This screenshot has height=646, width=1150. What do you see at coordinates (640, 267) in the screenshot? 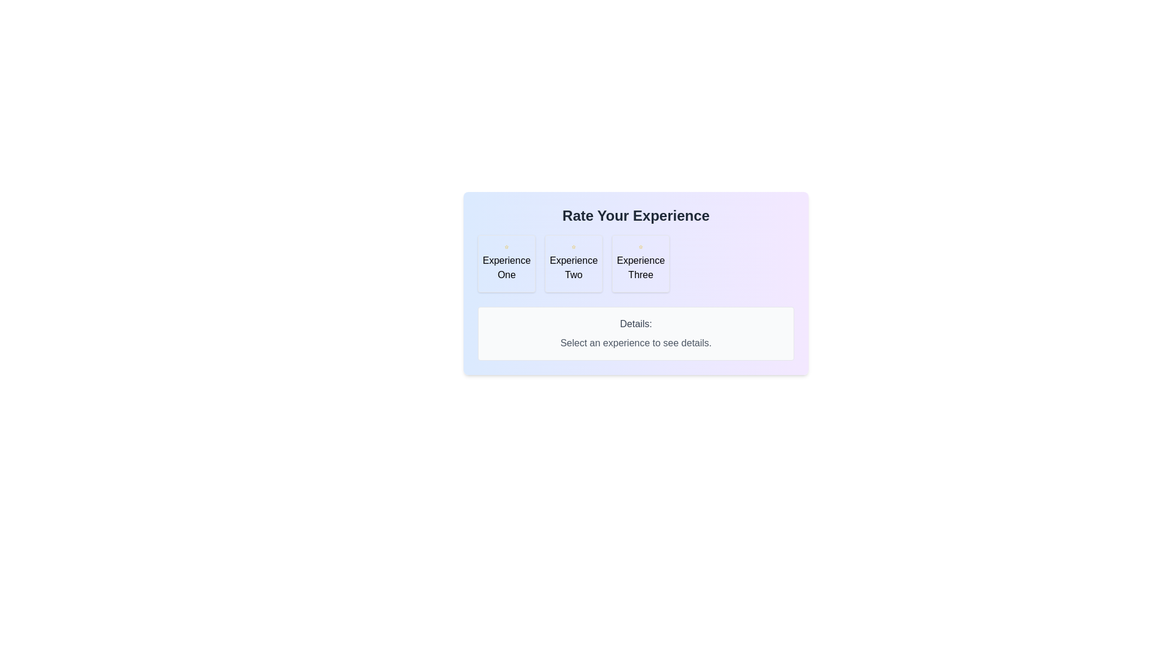
I see `the text label within the last card under the title 'Rate Your Experience', which represents a selectable option for an experience` at bounding box center [640, 267].